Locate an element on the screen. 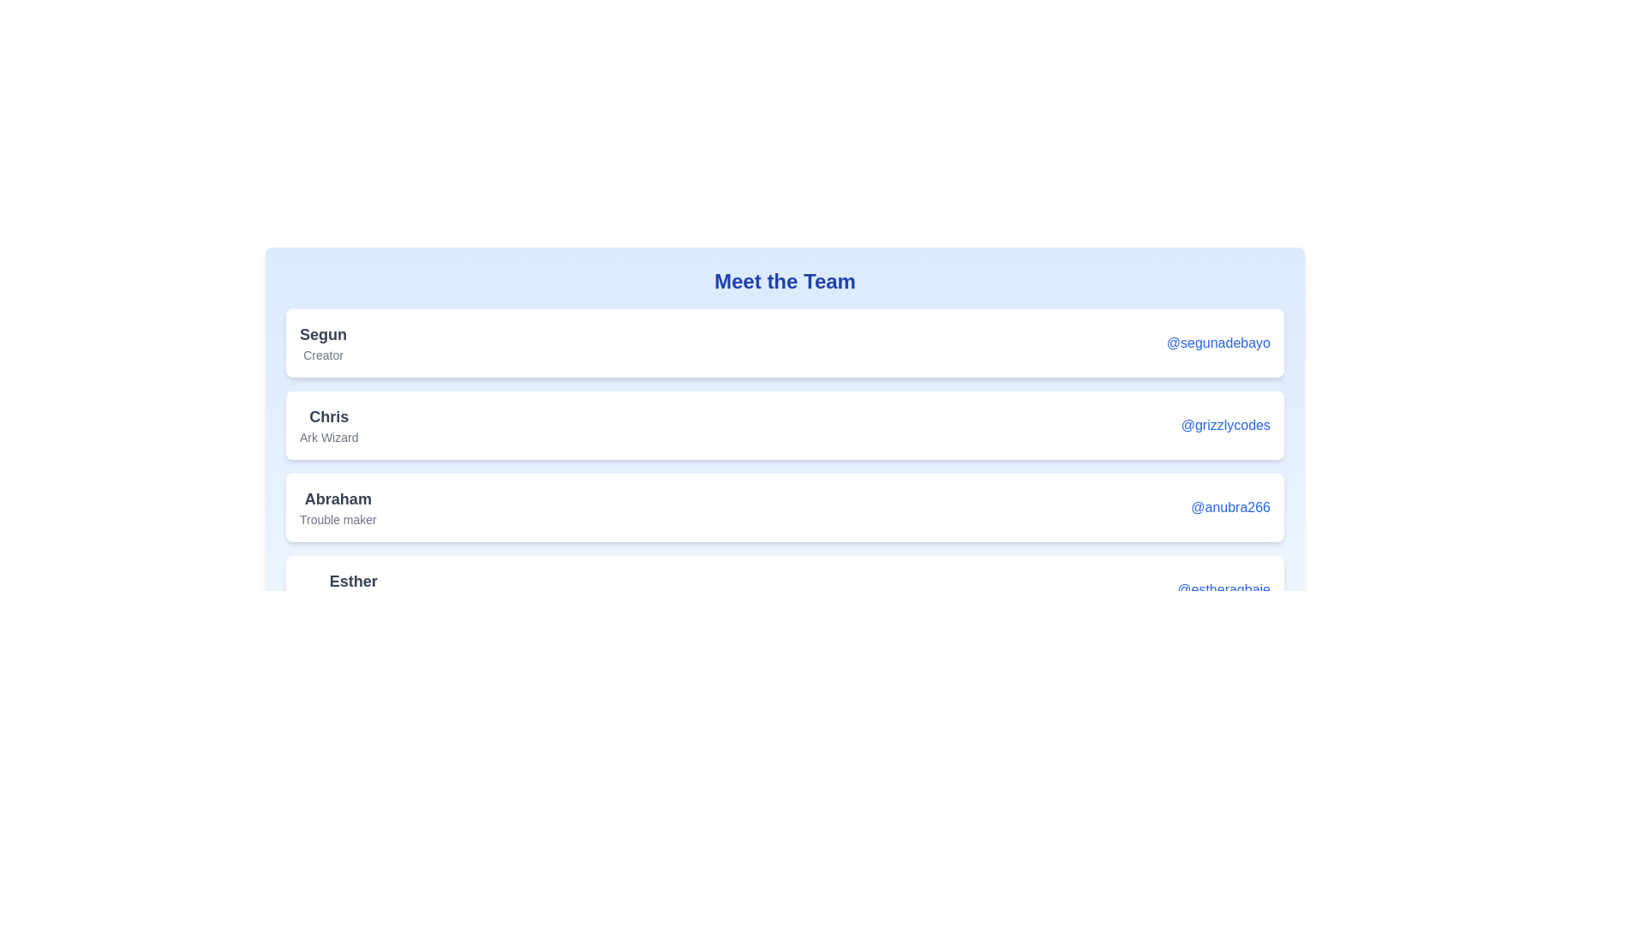 The image size is (1645, 925). name displayed in the Text Label at the top-left position of the team listing interface, which identifies an individual is located at coordinates (323, 334).